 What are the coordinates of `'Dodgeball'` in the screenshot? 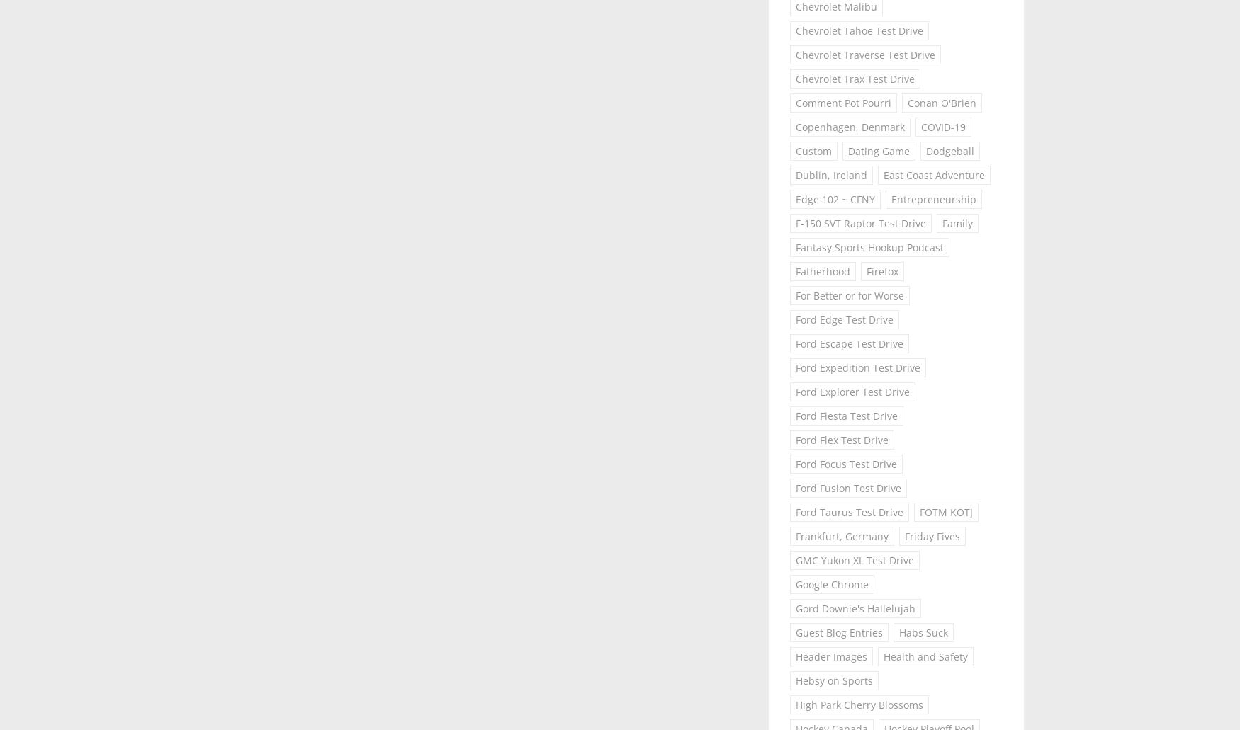 It's located at (950, 150).